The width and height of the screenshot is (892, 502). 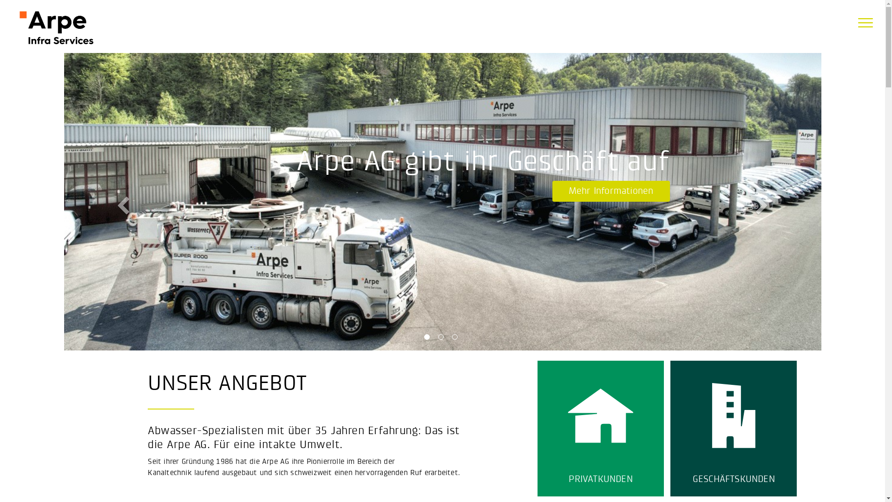 What do you see at coordinates (423, 339) in the screenshot?
I see `'1'` at bounding box center [423, 339].